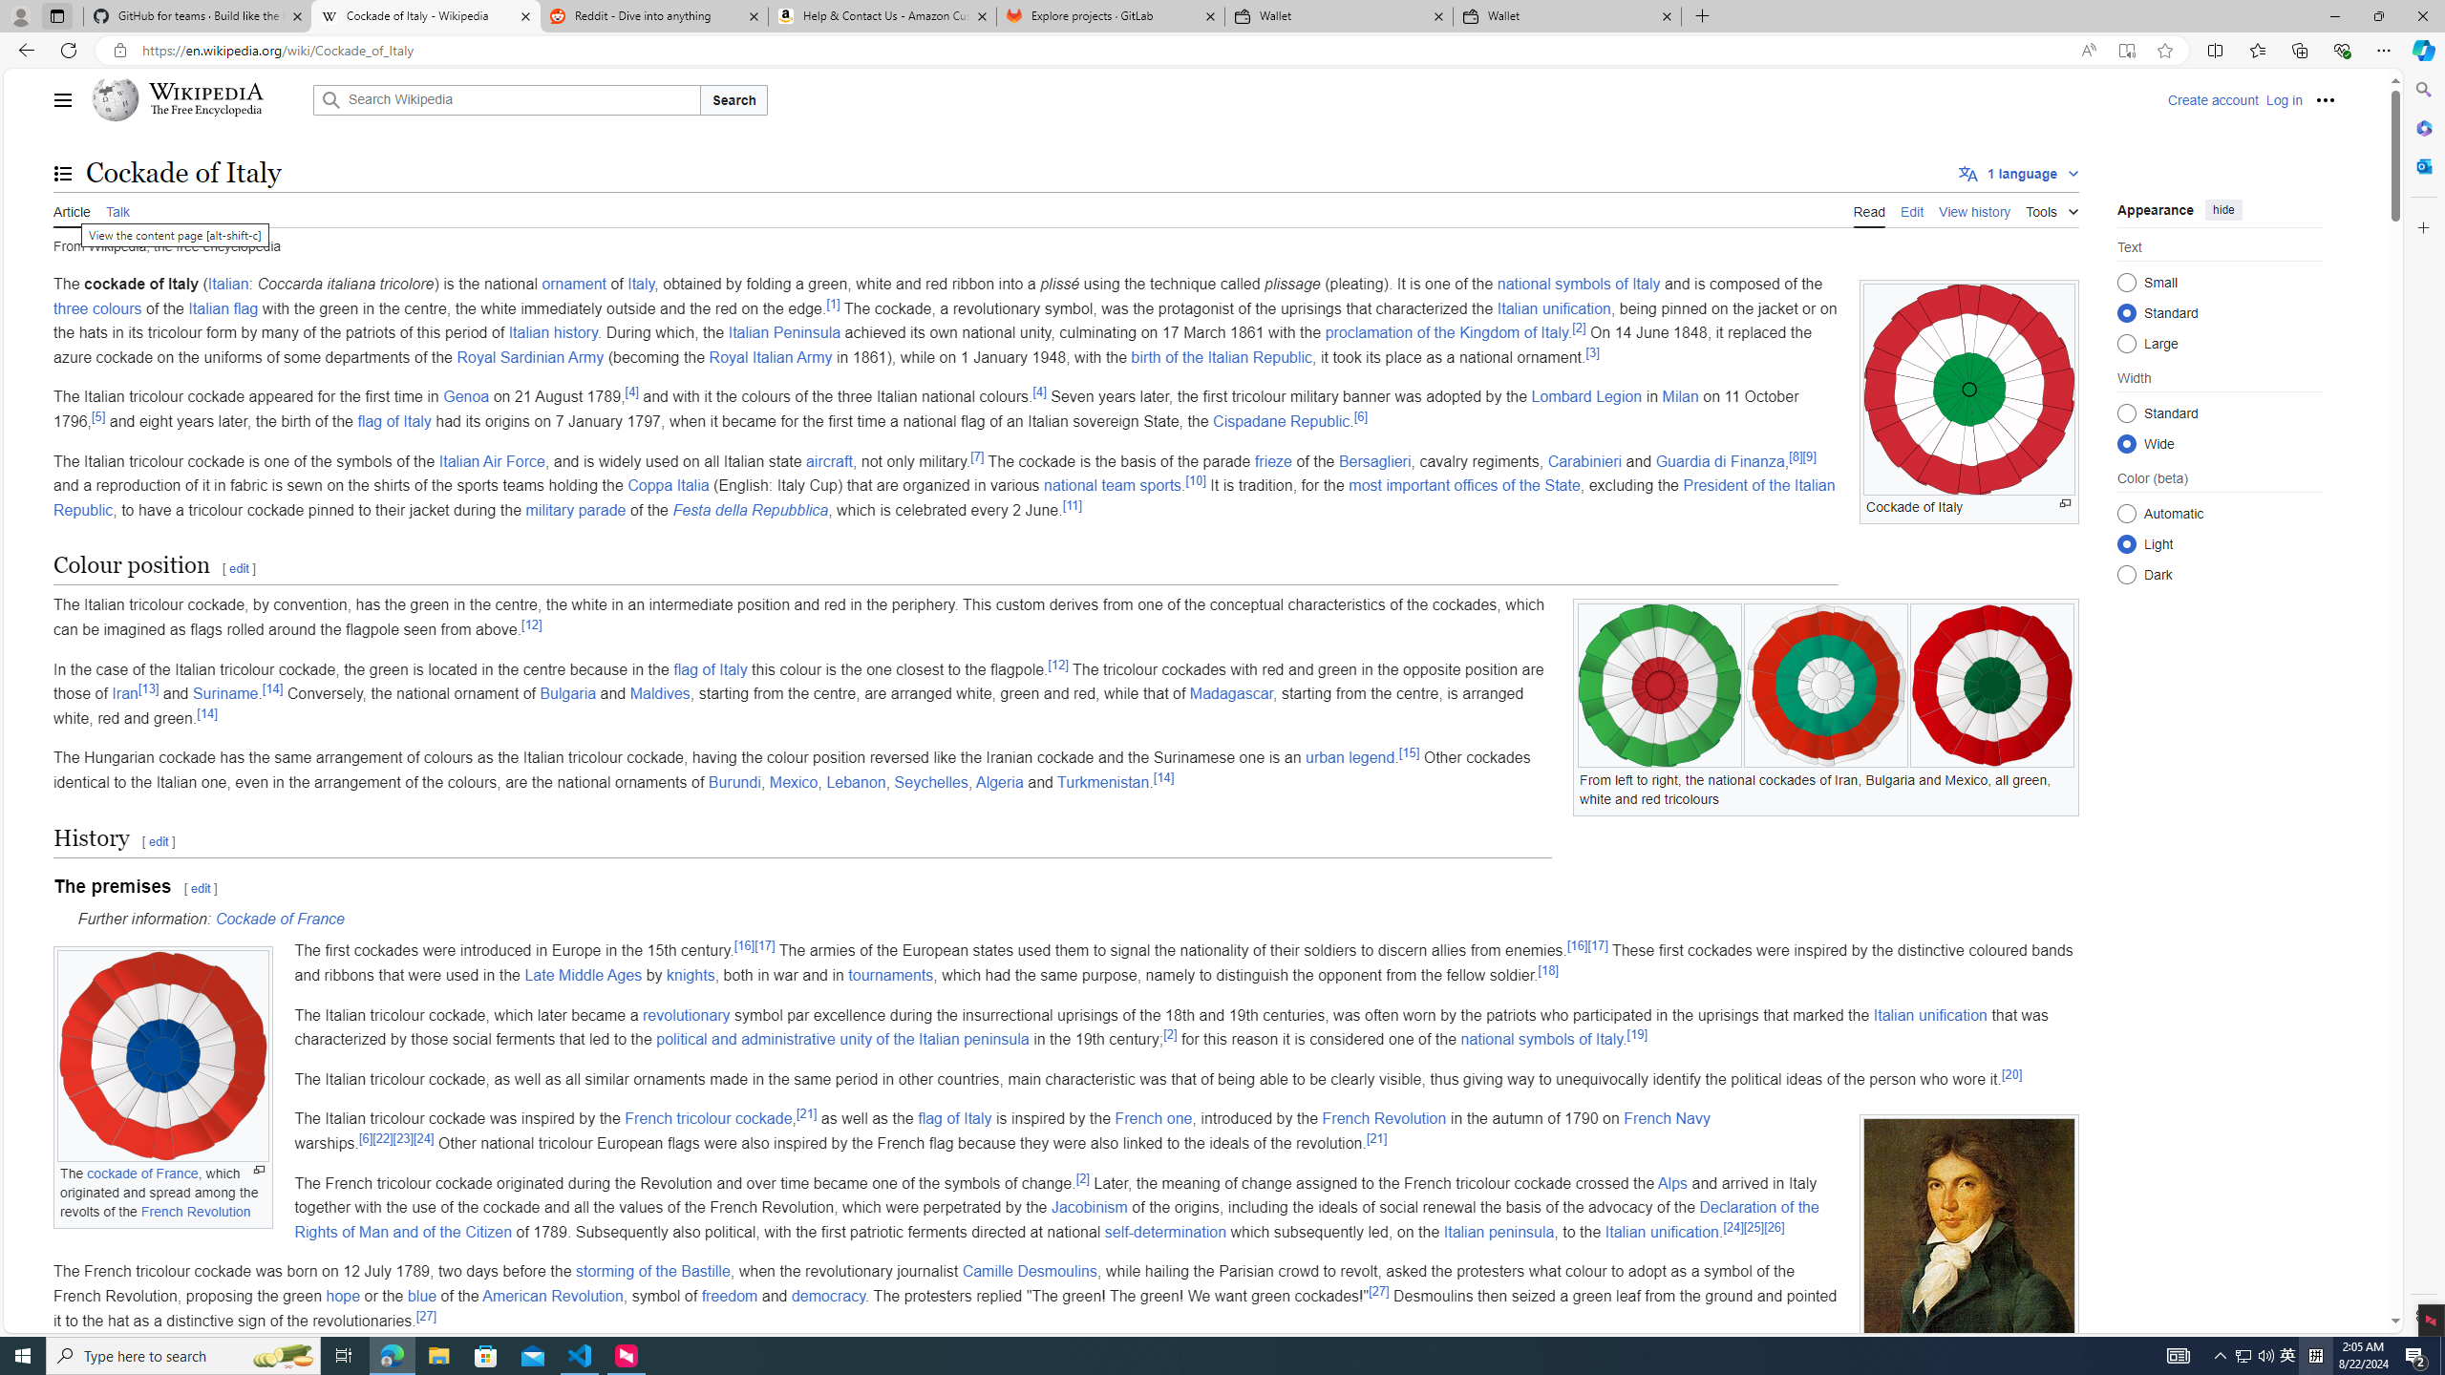 This screenshot has height=1375, width=2445. What do you see at coordinates (2009, 1074) in the screenshot?
I see `'[20]'` at bounding box center [2009, 1074].